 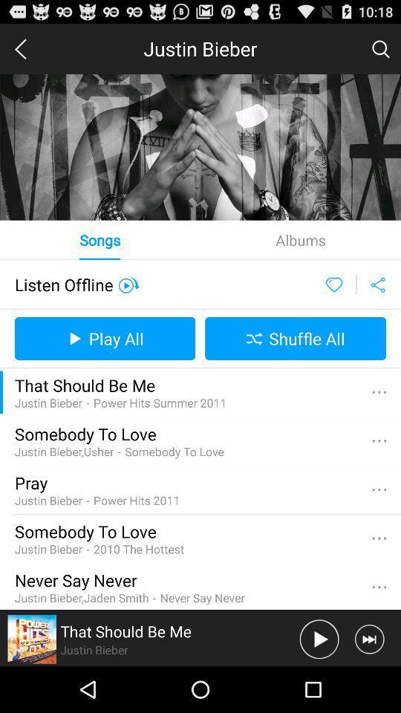 What do you see at coordinates (319, 684) in the screenshot?
I see `the play icon` at bounding box center [319, 684].